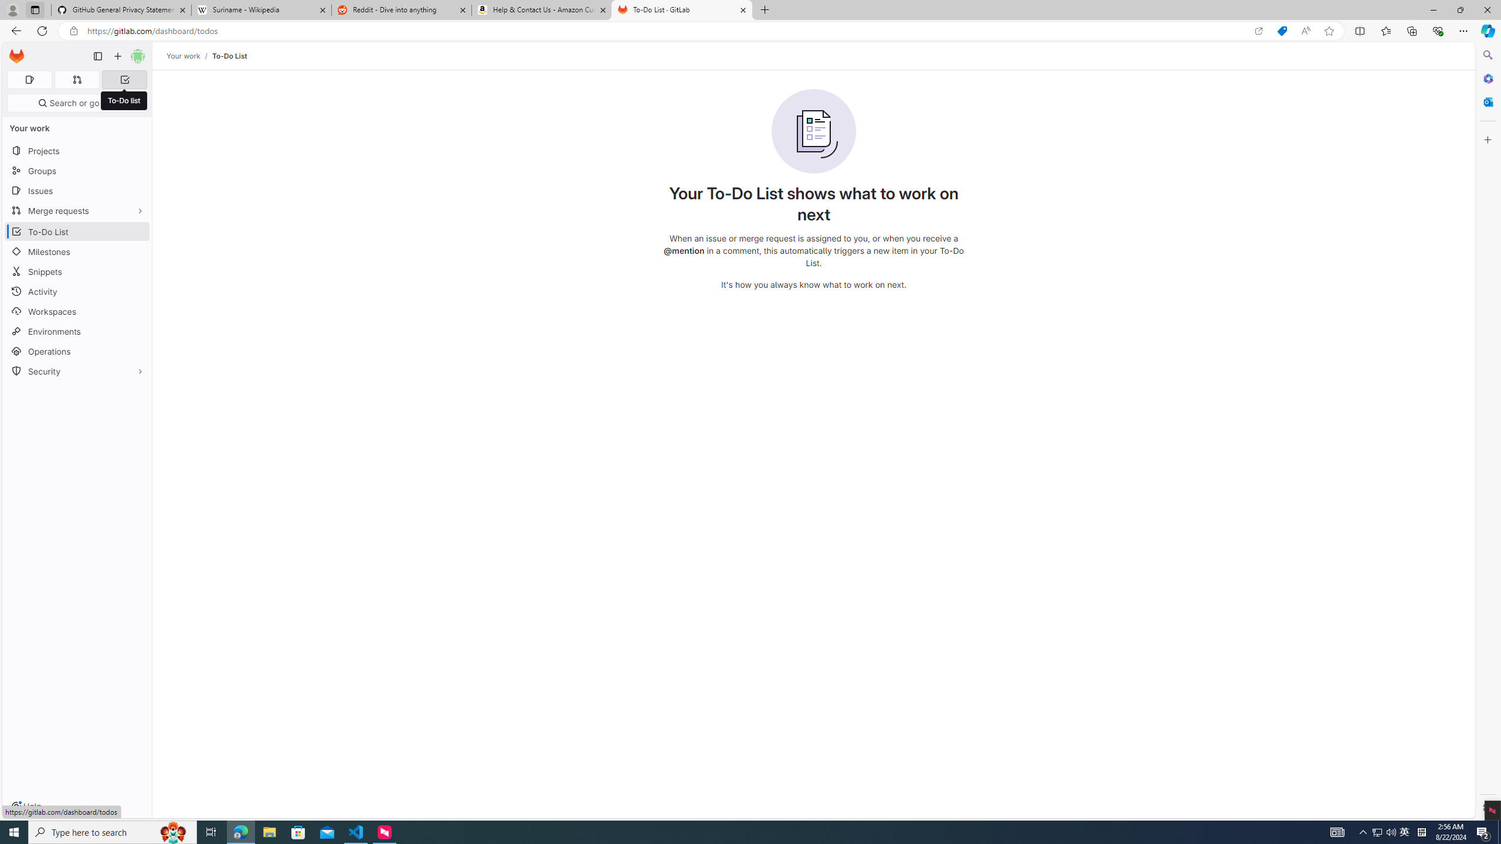  What do you see at coordinates (76, 171) in the screenshot?
I see `'Groups'` at bounding box center [76, 171].